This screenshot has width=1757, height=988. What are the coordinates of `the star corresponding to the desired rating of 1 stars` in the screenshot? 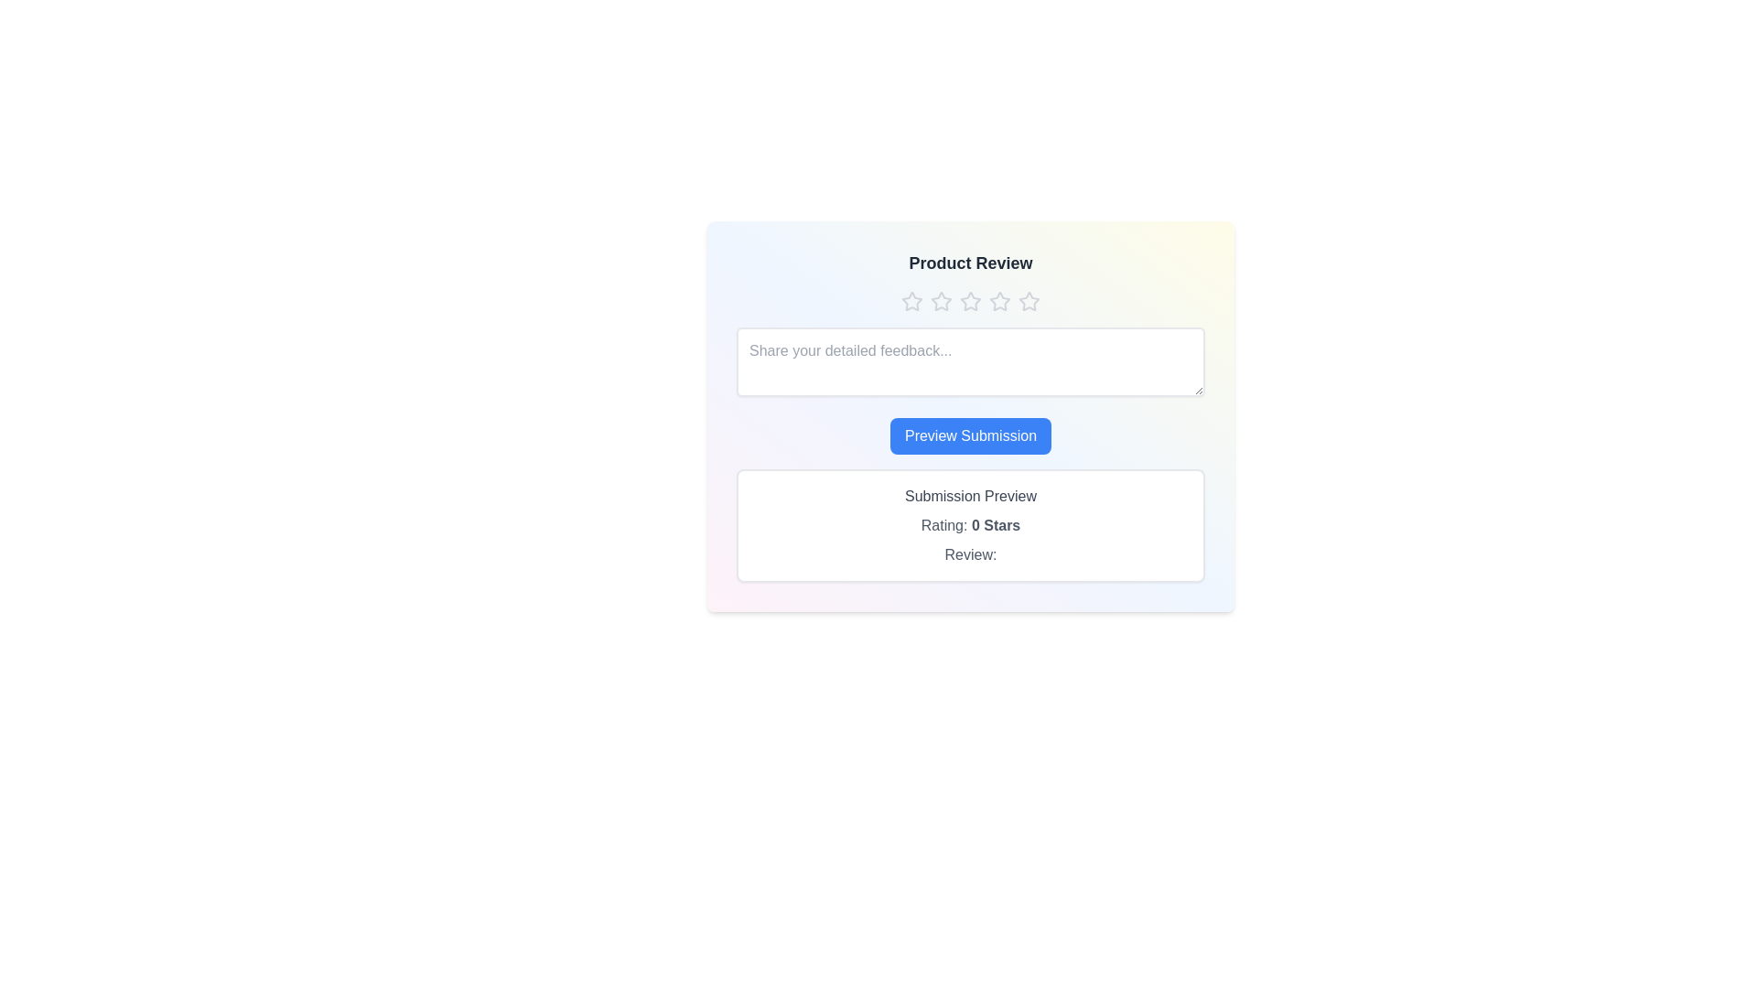 It's located at (912, 301).